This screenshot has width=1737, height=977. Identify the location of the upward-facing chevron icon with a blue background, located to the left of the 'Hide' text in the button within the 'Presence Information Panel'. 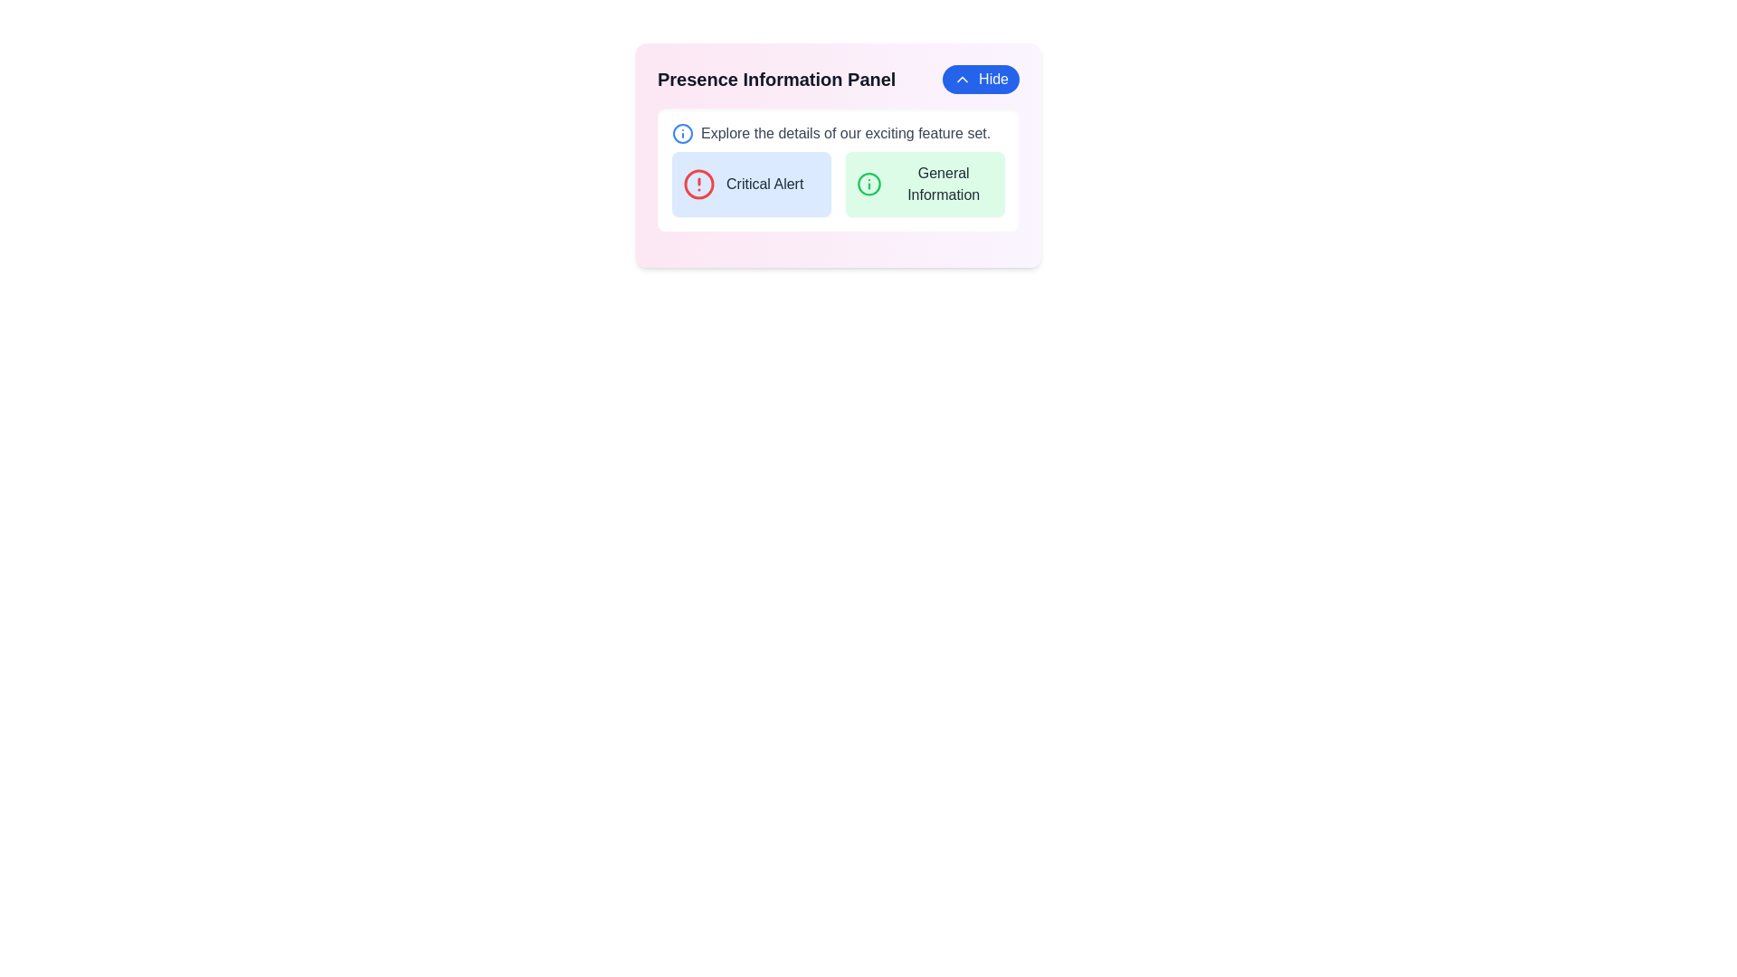
(962, 79).